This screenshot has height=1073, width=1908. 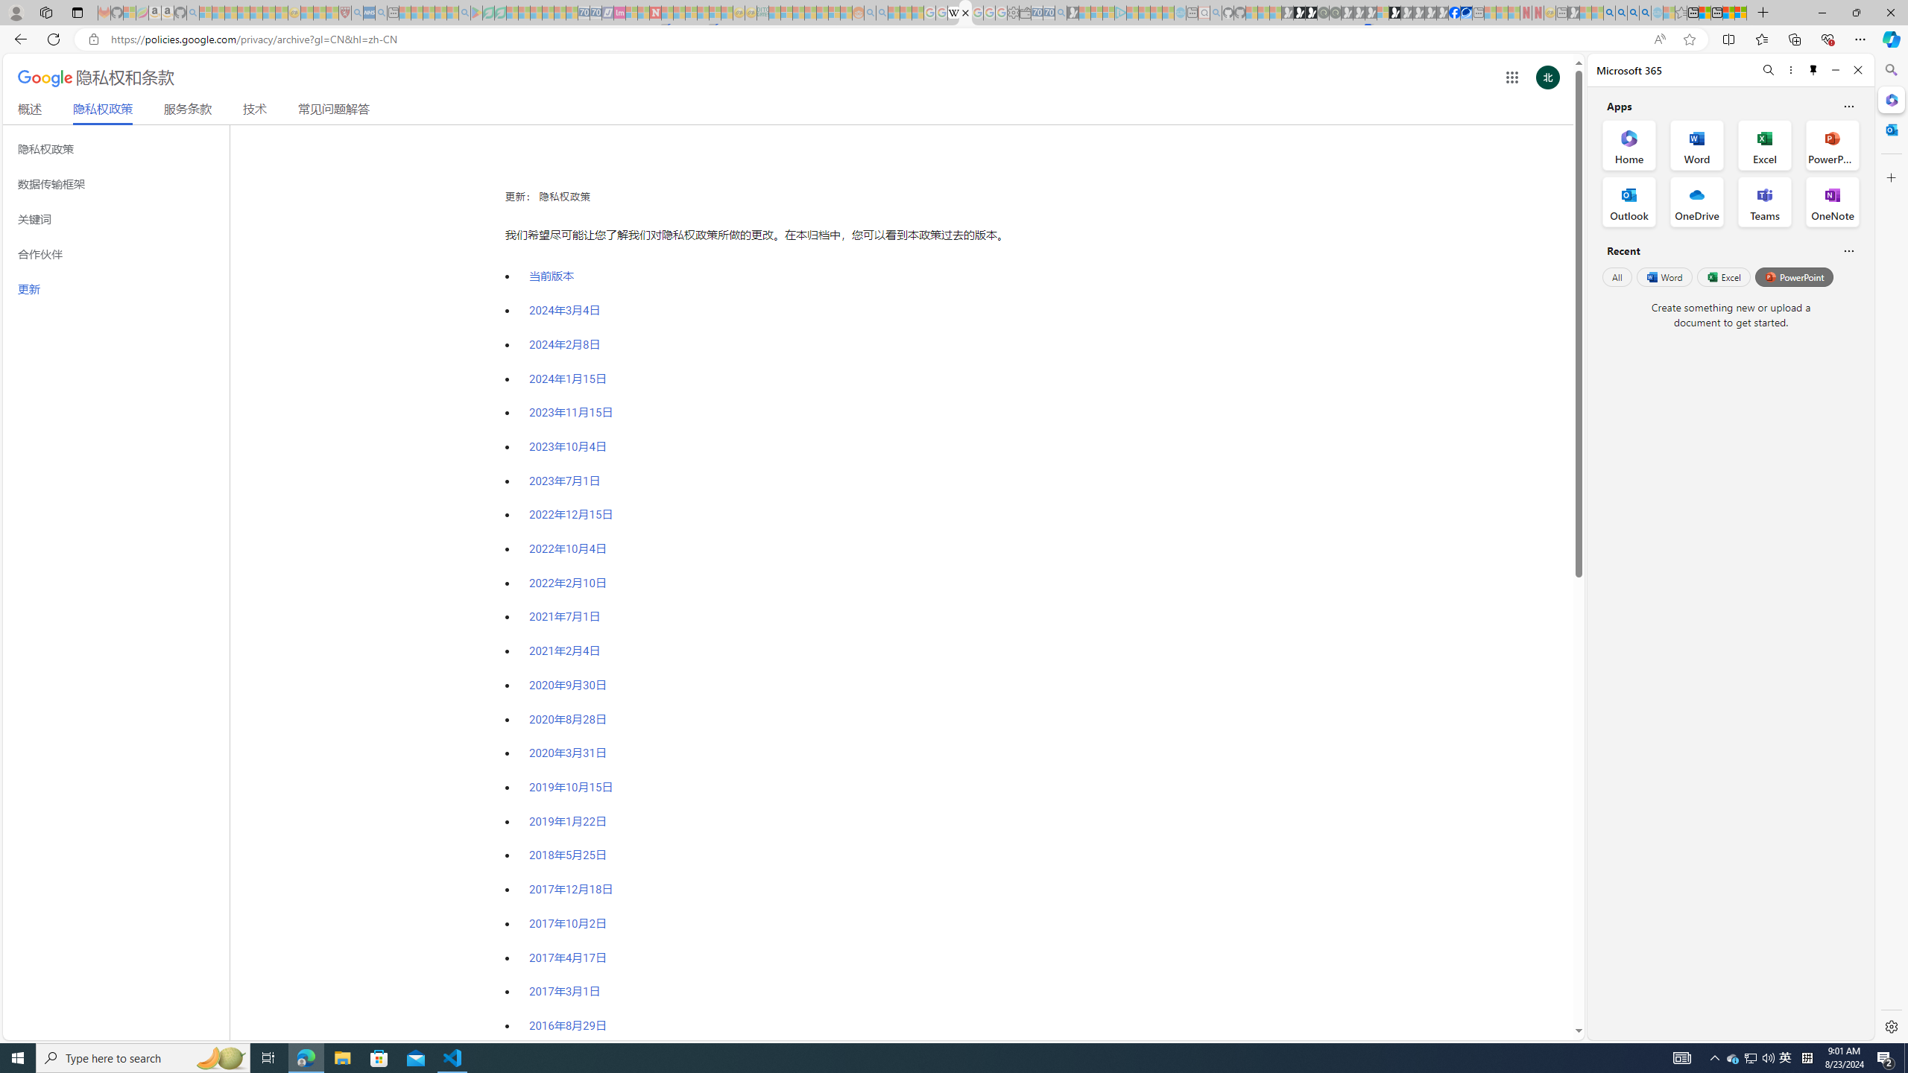 I want to click on 'Bing Real Estate - Home sales and rental listings - Sleeping', so click(x=1060, y=12).